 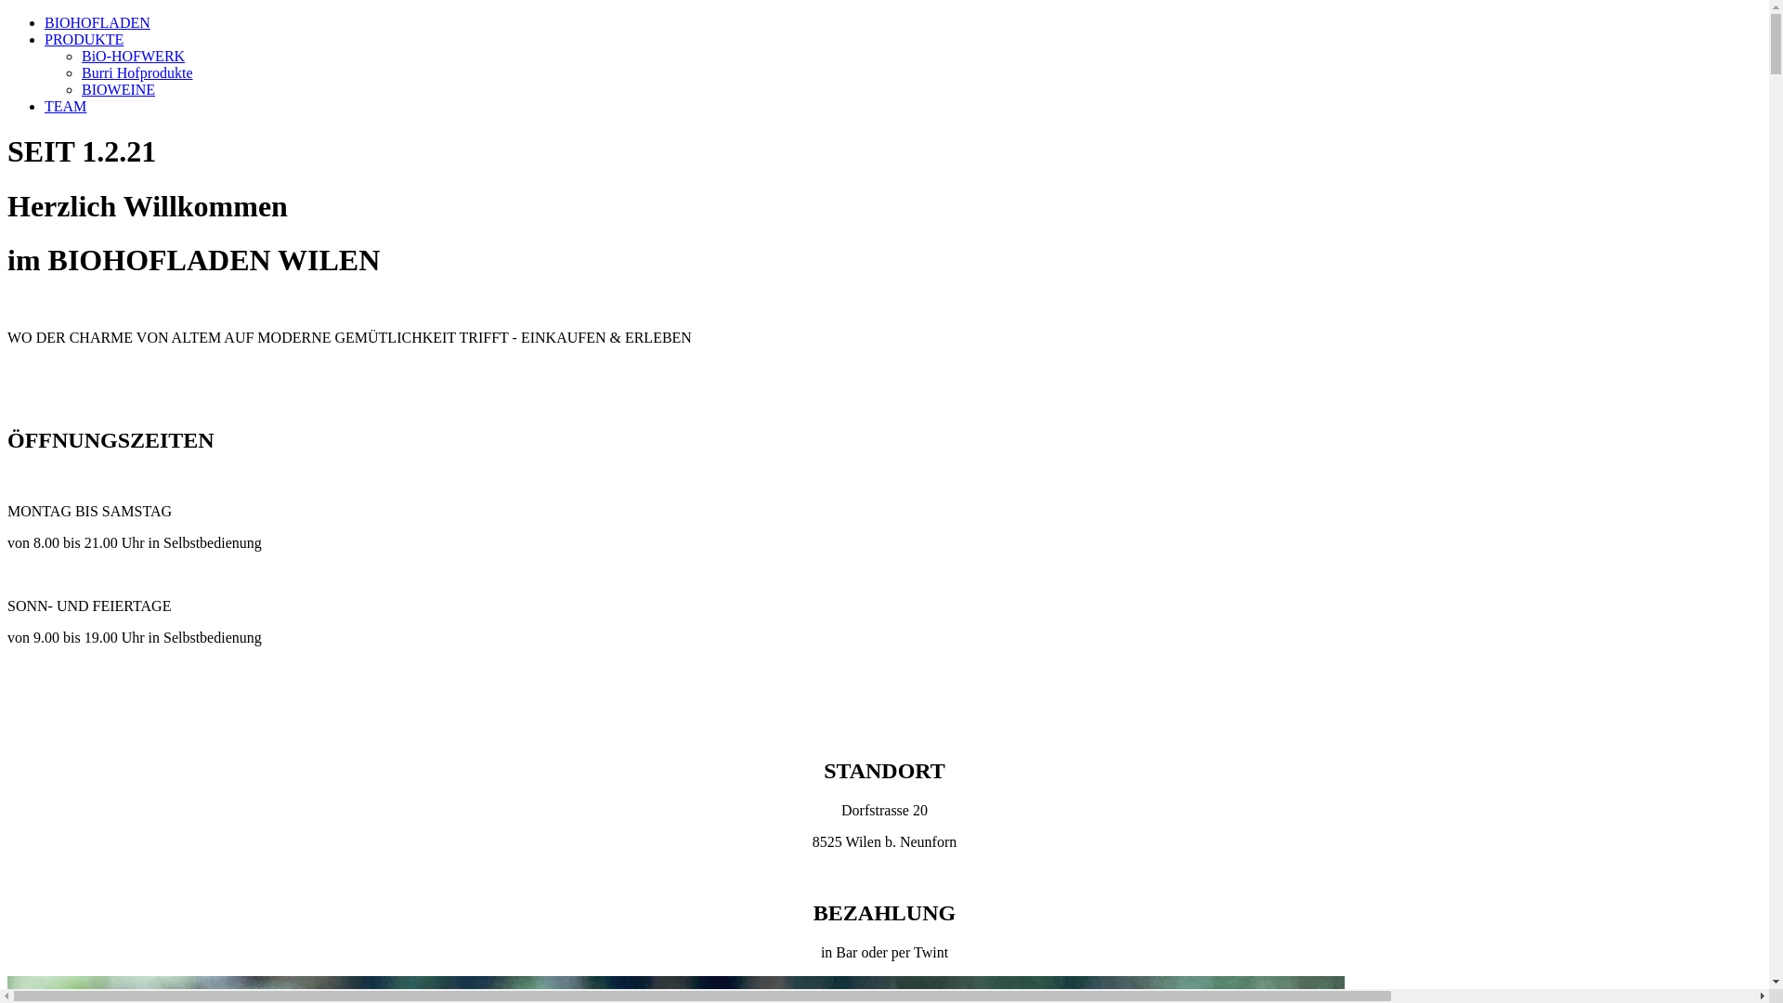 What do you see at coordinates (132, 55) in the screenshot?
I see `'BiO-HOFWERK'` at bounding box center [132, 55].